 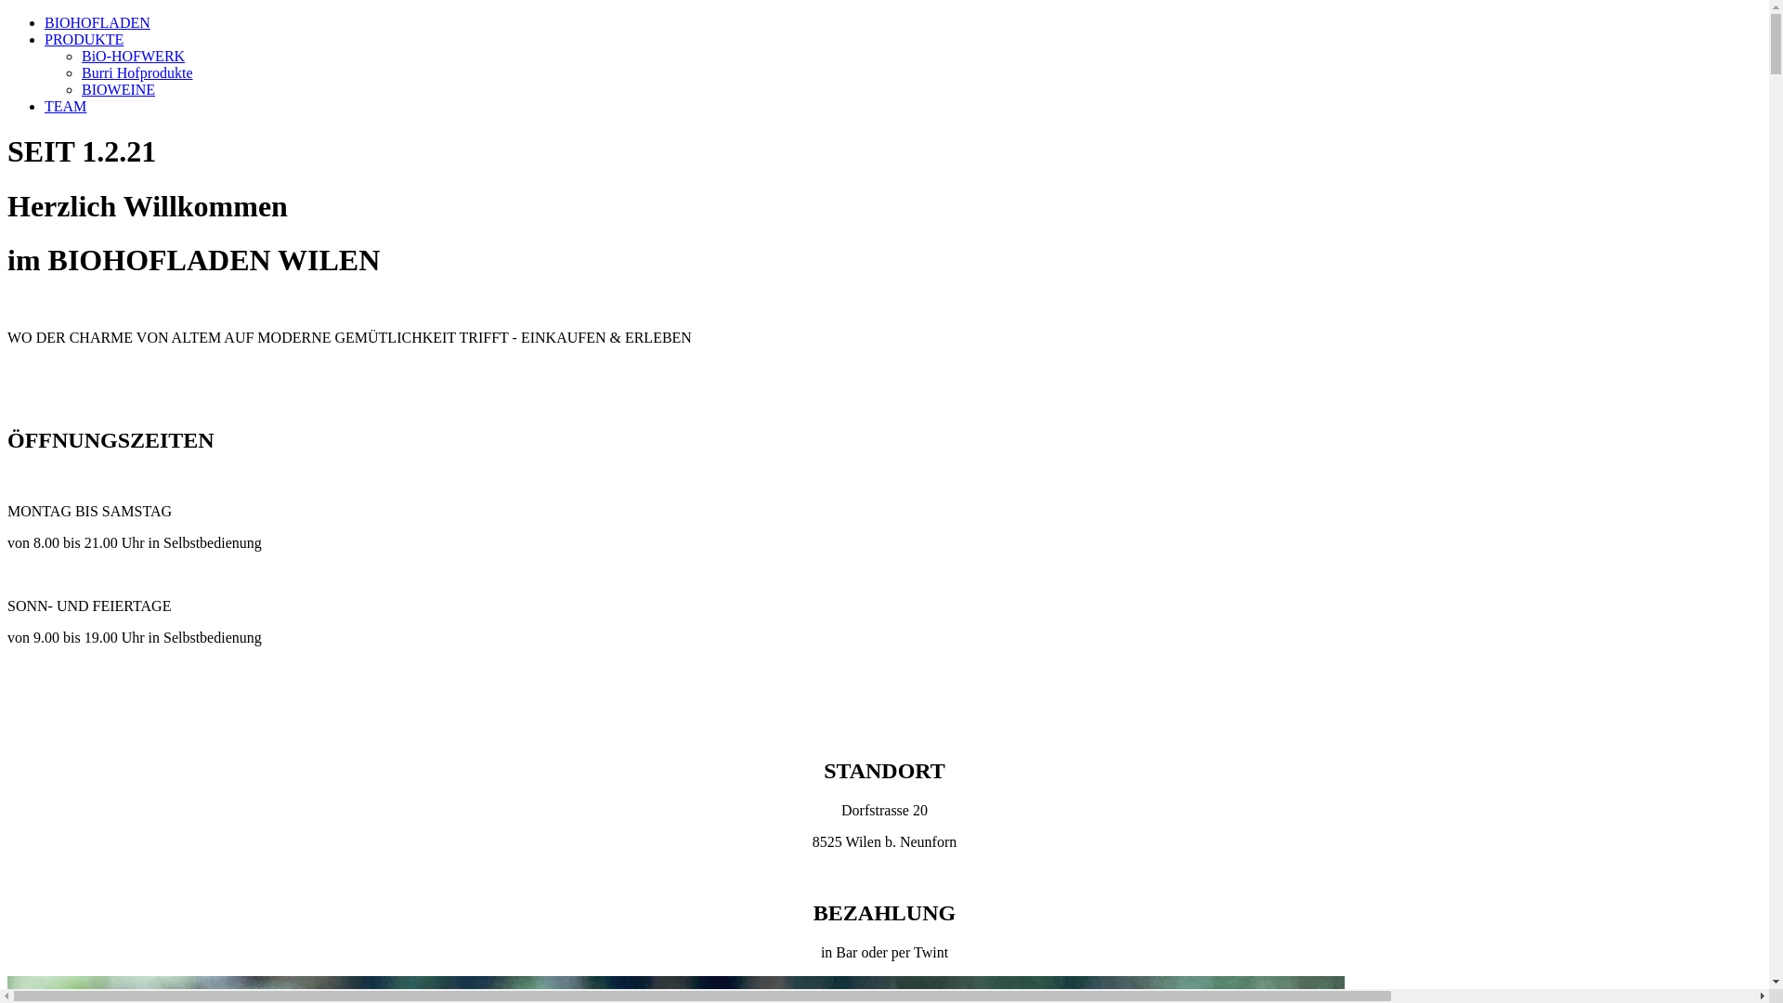 What do you see at coordinates (132, 55) in the screenshot?
I see `'BiO-HOFWERK'` at bounding box center [132, 55].